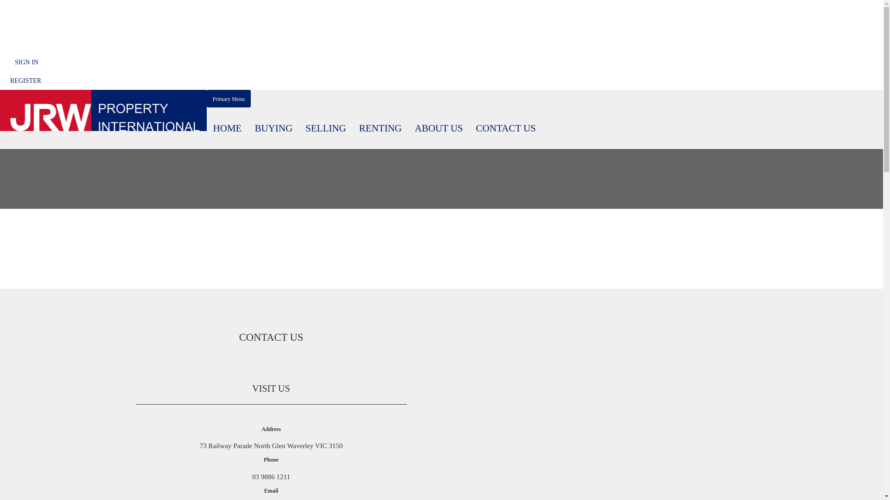  Describe the element at coordinates (229, 98) in the screenshot. I see `'Primary Menu'` at that location.